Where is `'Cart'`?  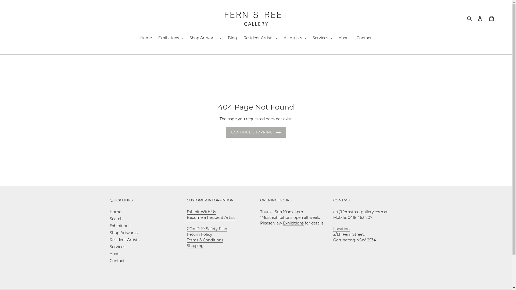 'Cart' is located at coordinates (491, 18).